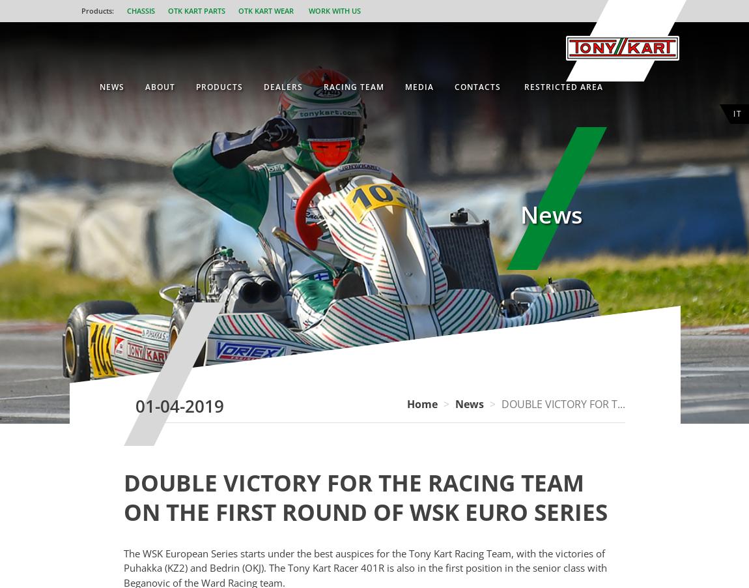 This screenshot has width=749, height=588. I want to click on 'DOUBLE VICTORY FOR T...', so click(563, 404).